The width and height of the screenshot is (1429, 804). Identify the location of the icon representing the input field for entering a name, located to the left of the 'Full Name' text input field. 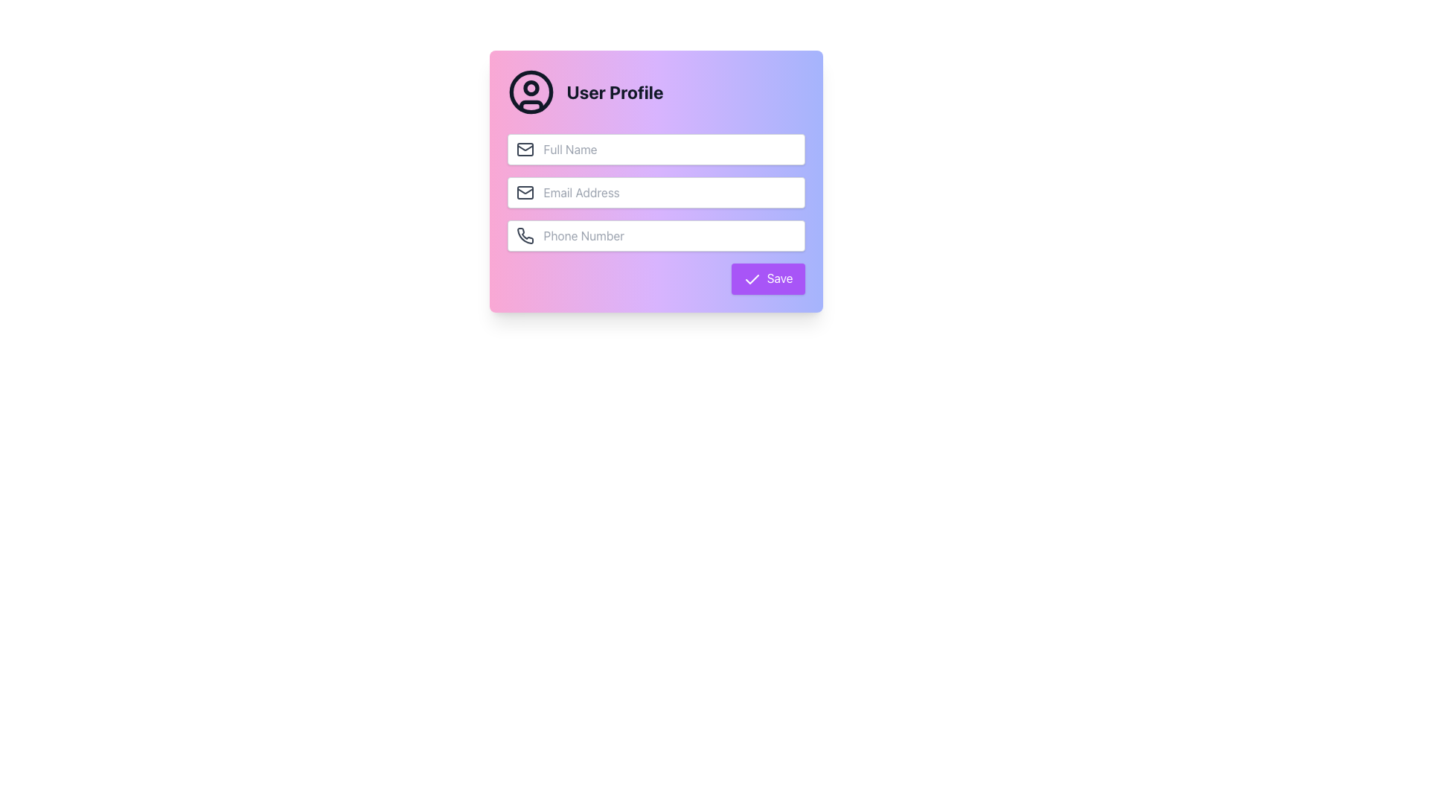
(525, 149).